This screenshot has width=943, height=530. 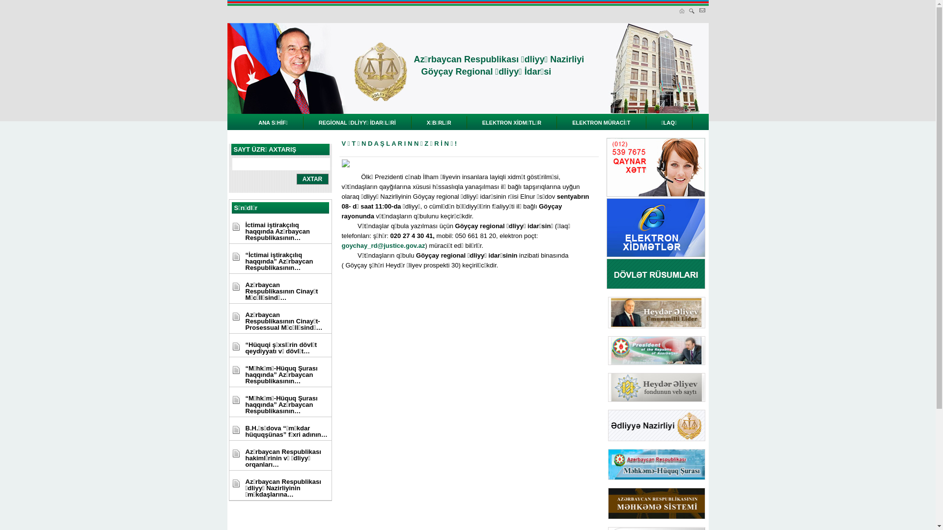 I want to click on 'AXTAR', so click(x=312, y=179).